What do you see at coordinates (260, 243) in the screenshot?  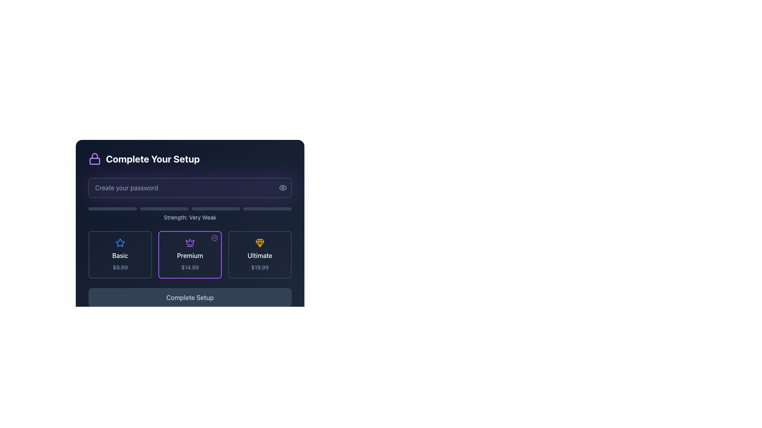 I see `the gem-like amber icon located at the top of the 'Ultimate' subscription option box, which is the rightmost among three options` at bounding box center [260, 243].